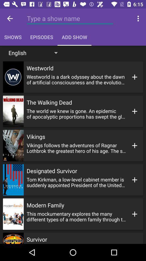  Describe the element at coordinates (70, 18) in the screenshot. I see `a show name` at that location.